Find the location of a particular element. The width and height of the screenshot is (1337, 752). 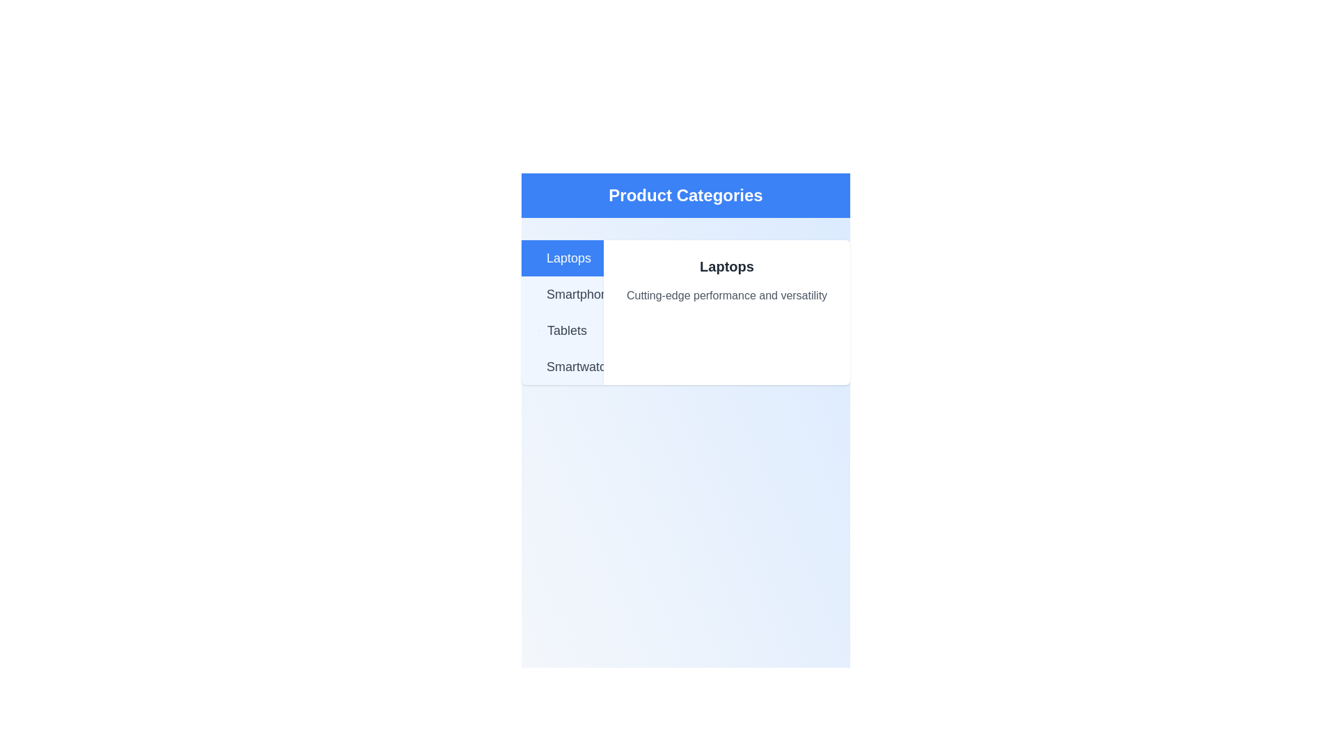

the tab labeled Laptops to display its products is located at coordinates (562, 258).